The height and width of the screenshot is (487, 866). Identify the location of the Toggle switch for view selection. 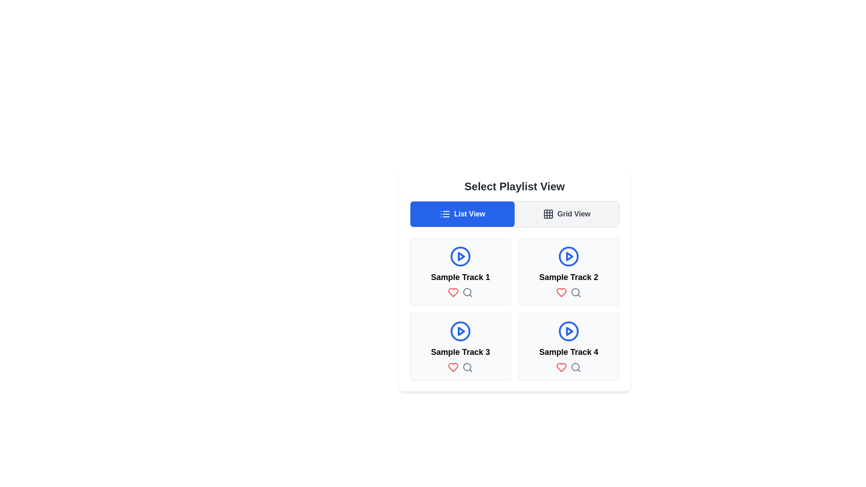
(515, 214).